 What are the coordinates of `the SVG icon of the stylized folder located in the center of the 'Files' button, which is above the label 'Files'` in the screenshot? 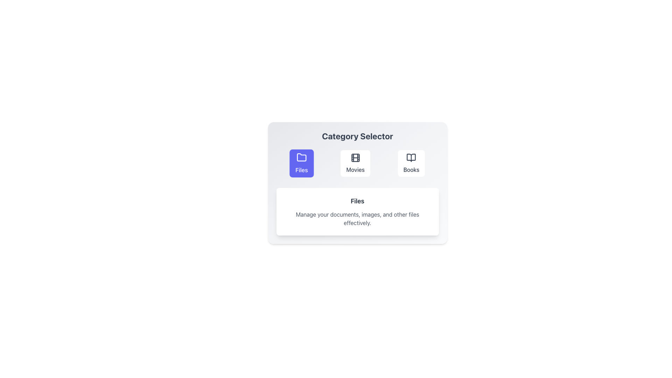 It's located at (301, 157).